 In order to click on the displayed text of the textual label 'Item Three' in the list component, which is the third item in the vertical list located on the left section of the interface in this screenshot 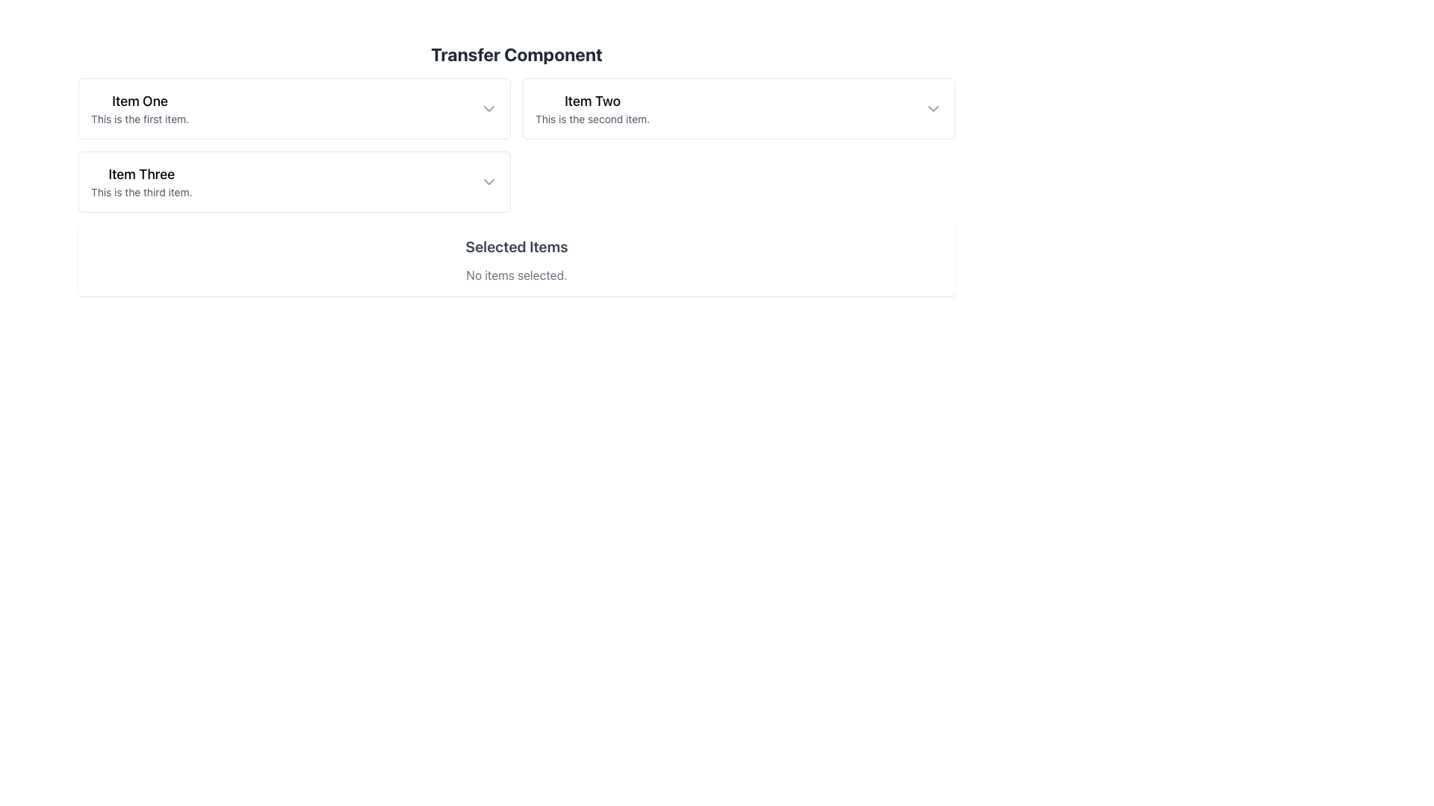, I will do `click(141, 181)`.